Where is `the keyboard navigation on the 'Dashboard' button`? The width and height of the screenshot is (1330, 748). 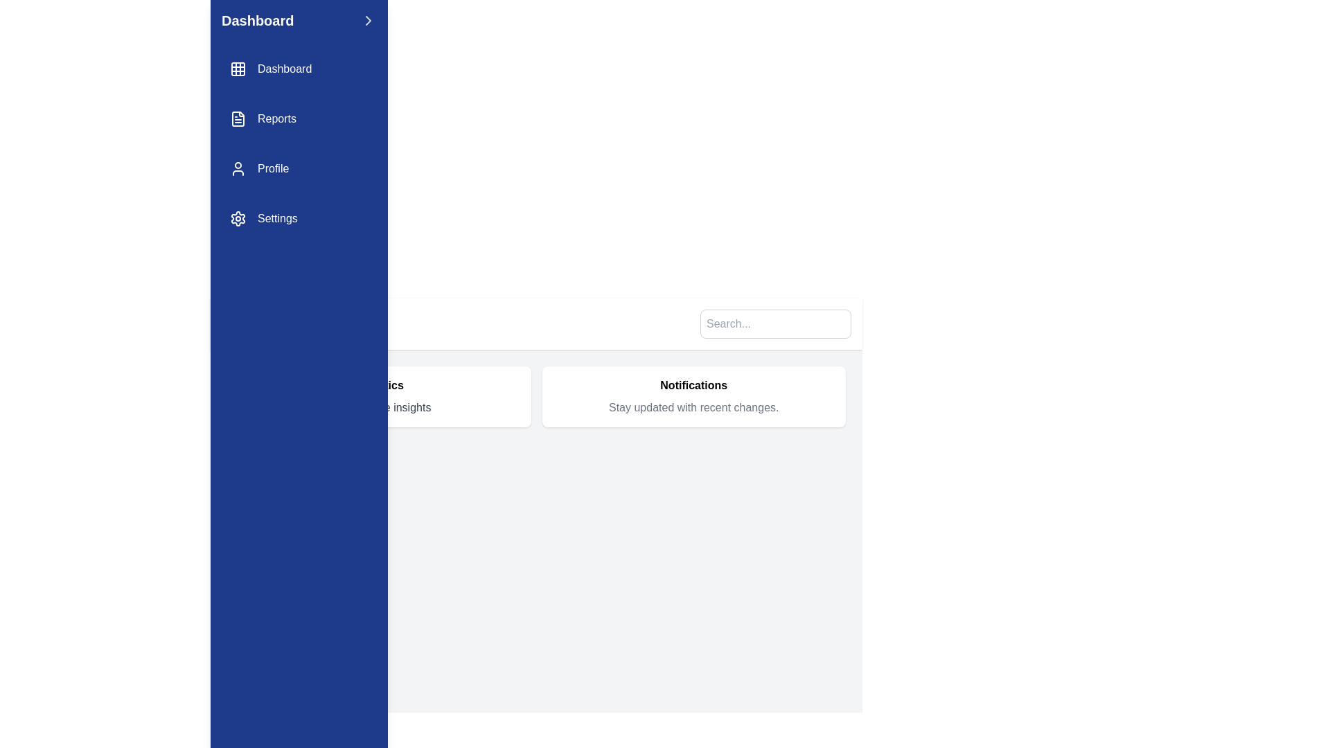 the keyboard navigation on the 'Dashboard' button is located at coordinates (299, 69).